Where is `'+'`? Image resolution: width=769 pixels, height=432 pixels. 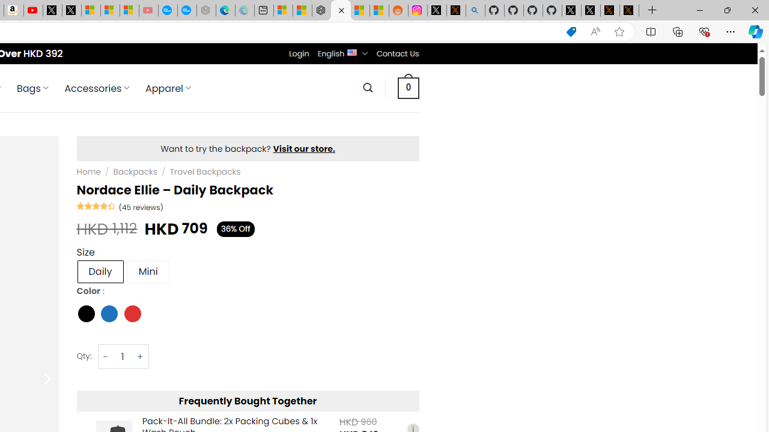 '+' is located at coordinates (141, 356).